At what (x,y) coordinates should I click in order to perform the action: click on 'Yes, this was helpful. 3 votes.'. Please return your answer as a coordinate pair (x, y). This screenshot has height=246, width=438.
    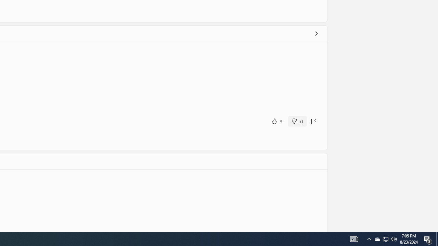
    Looking at the image, I should click on (276, 121).